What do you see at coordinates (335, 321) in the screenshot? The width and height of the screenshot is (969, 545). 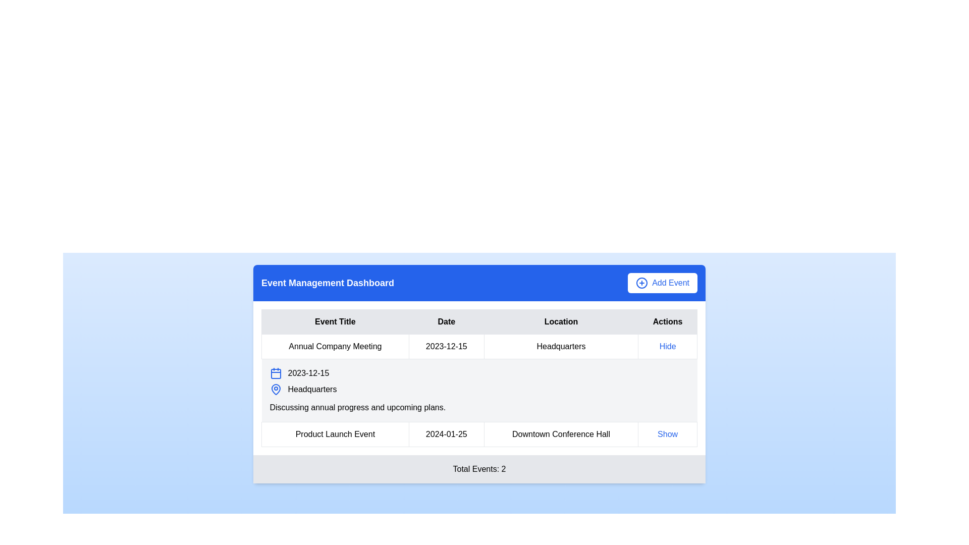 I see `text content of the 'Event Title' header label, which is the left-most header in a row of four headers in the table layout` at bounding box center [335, 321].